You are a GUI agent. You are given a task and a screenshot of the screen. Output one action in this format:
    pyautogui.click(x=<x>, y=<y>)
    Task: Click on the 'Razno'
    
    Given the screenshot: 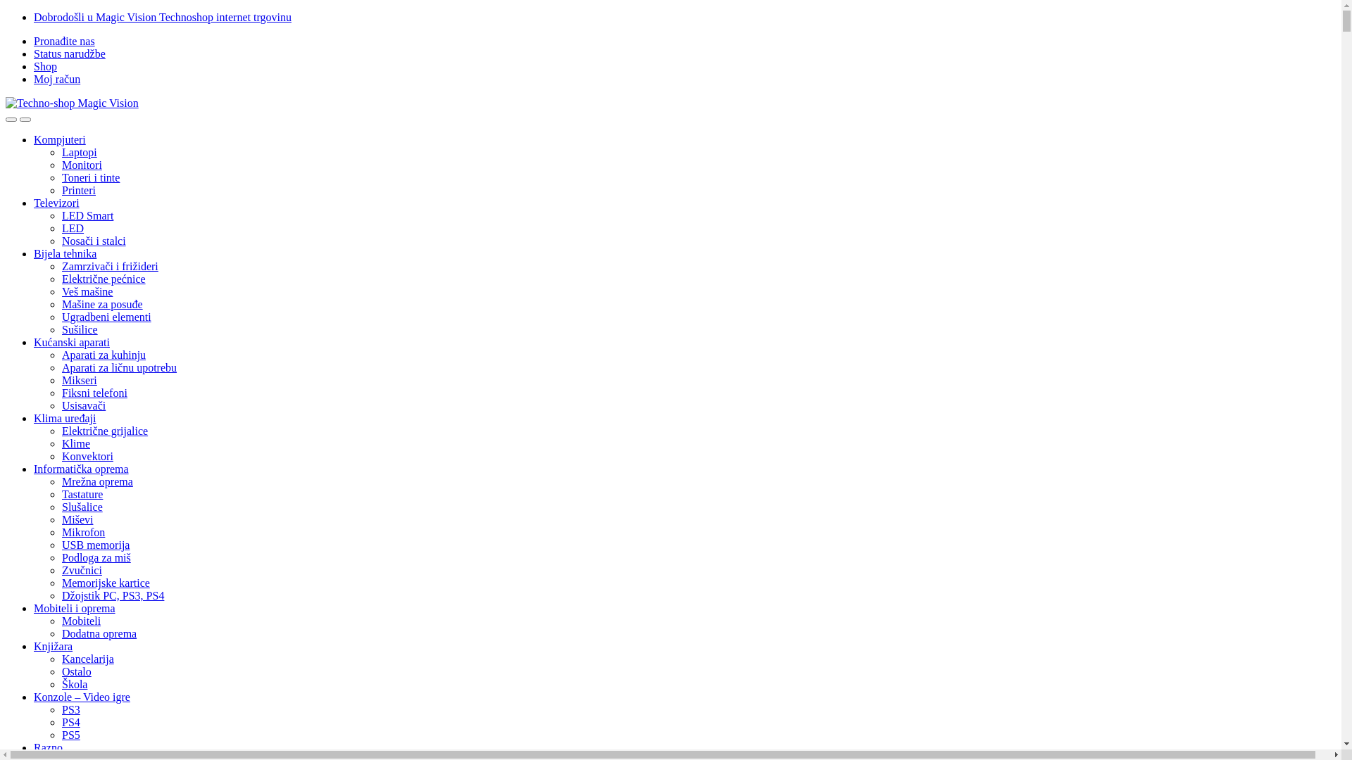 What is the action you would take?
    pyautogui.click(x=48, y=747)
    